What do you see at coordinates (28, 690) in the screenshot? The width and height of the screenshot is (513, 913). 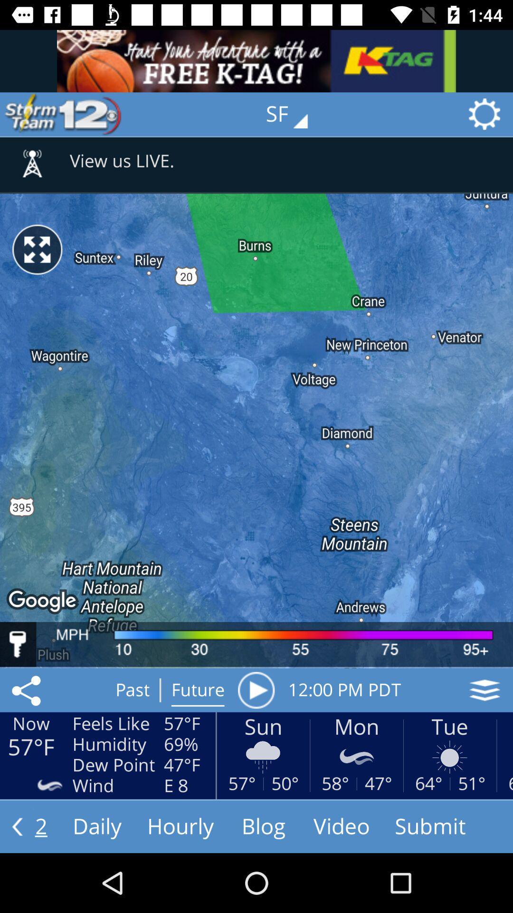 I see `the share icon` at bounding box center [28, 690].